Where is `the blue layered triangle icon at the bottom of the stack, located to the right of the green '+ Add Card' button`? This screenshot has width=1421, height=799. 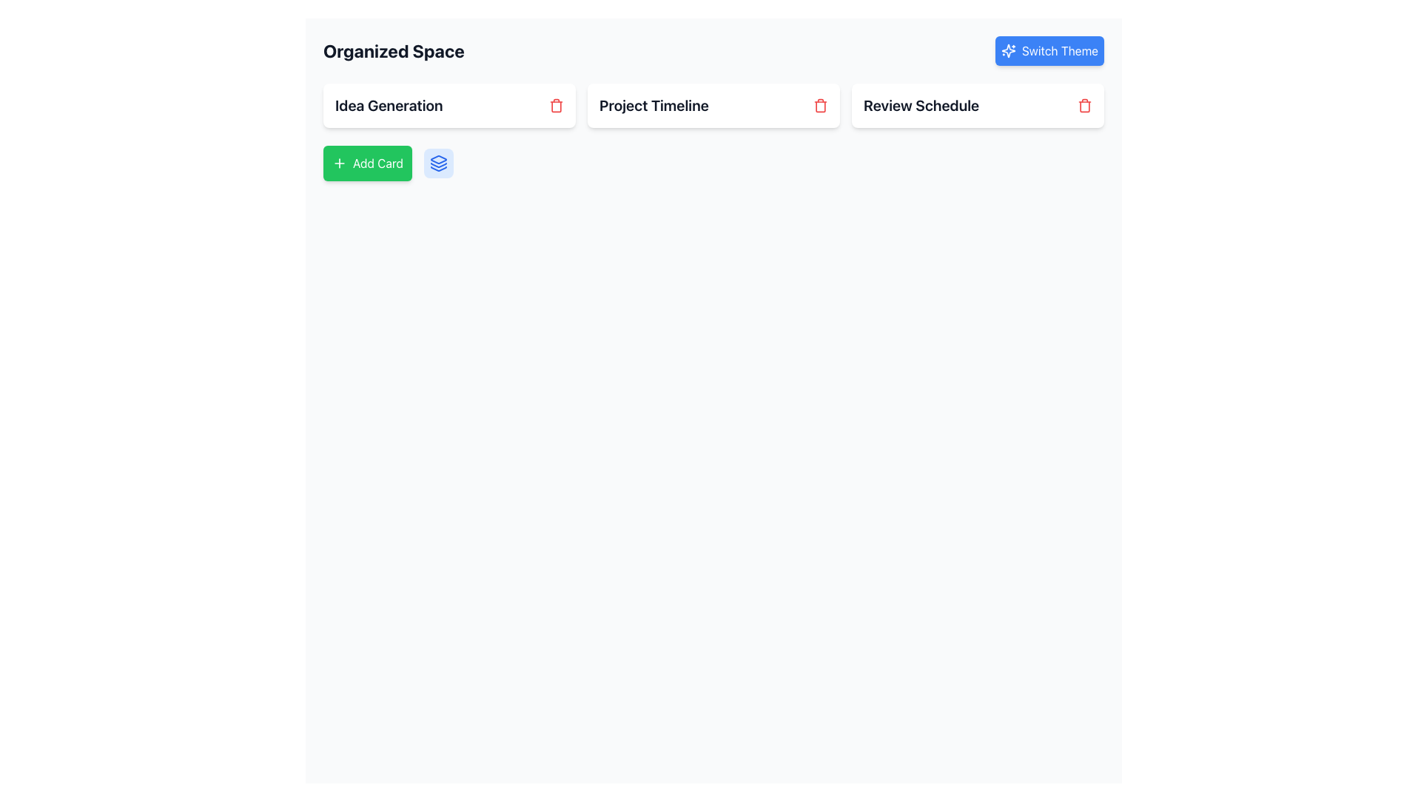
the blue layered triangle icon at the bottom of the stack, located to the right of the green '+ Add Card' button is located at coordinates (437, 168).